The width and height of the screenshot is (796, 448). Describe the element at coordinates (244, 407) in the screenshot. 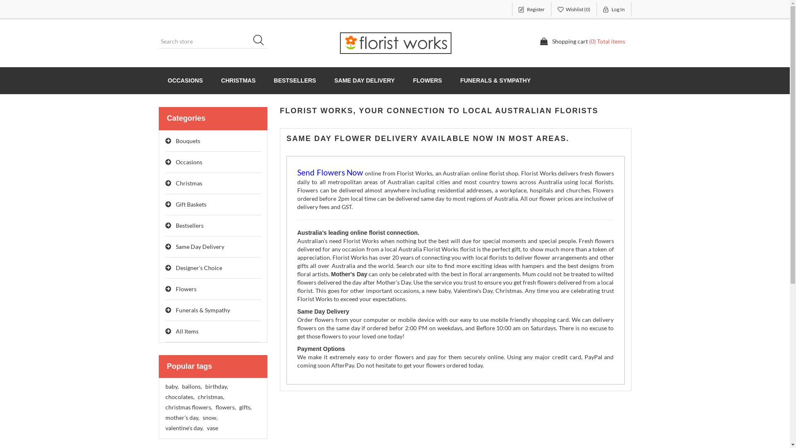

I see `'gifts,'` at that location.